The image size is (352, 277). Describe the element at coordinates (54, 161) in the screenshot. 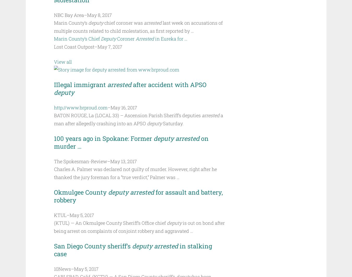

I see `'The Spokesman-Review'` at that location.